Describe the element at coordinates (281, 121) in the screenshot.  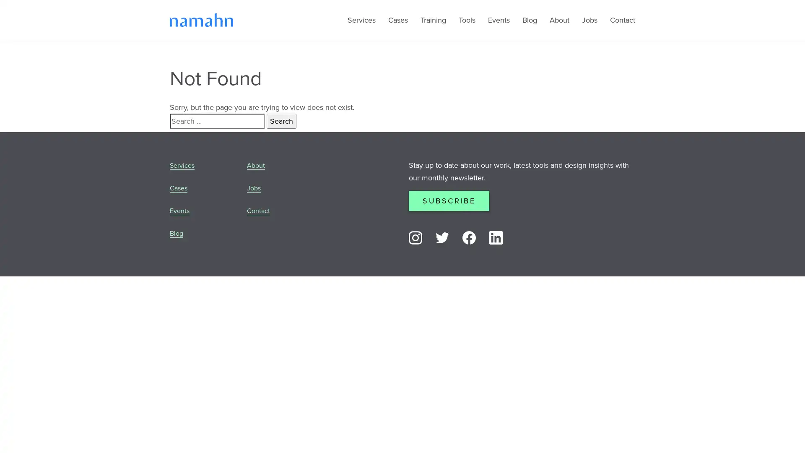
I see `Search` at that location.